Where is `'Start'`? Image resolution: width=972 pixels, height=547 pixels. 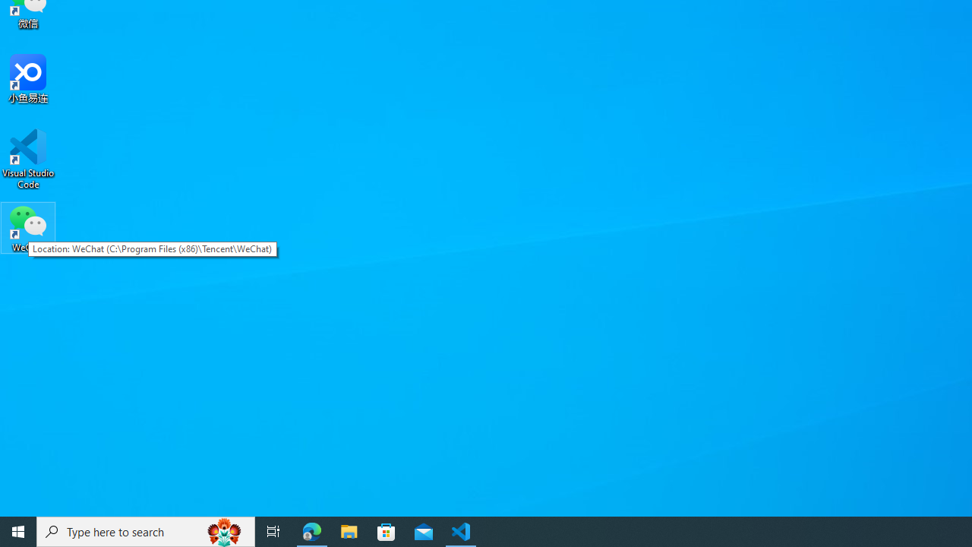 'Start' is located at coordinates (18, 530).